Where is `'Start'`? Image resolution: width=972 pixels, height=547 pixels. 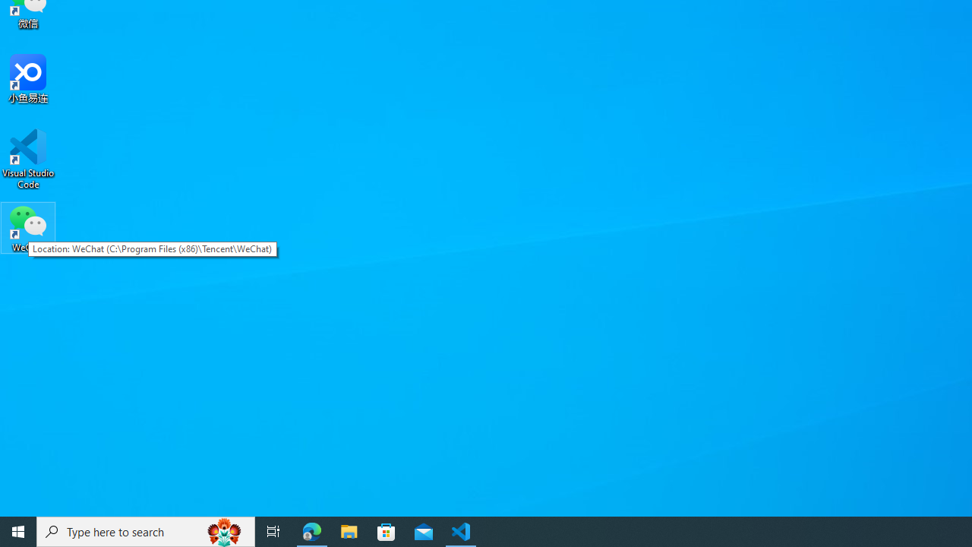 'Start' is located at coordinates (18, 530).